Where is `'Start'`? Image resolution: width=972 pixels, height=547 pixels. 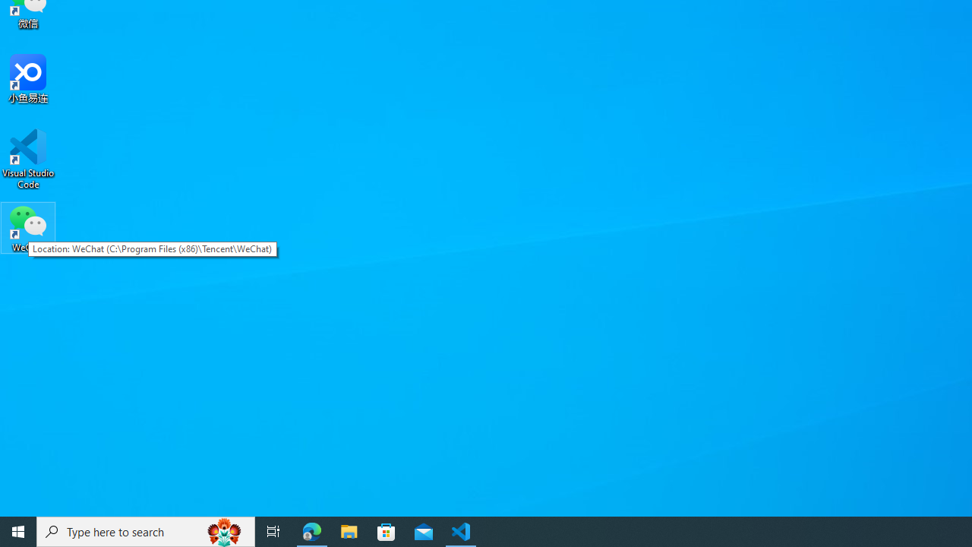 'Start' is located at coordinates (18, 530).